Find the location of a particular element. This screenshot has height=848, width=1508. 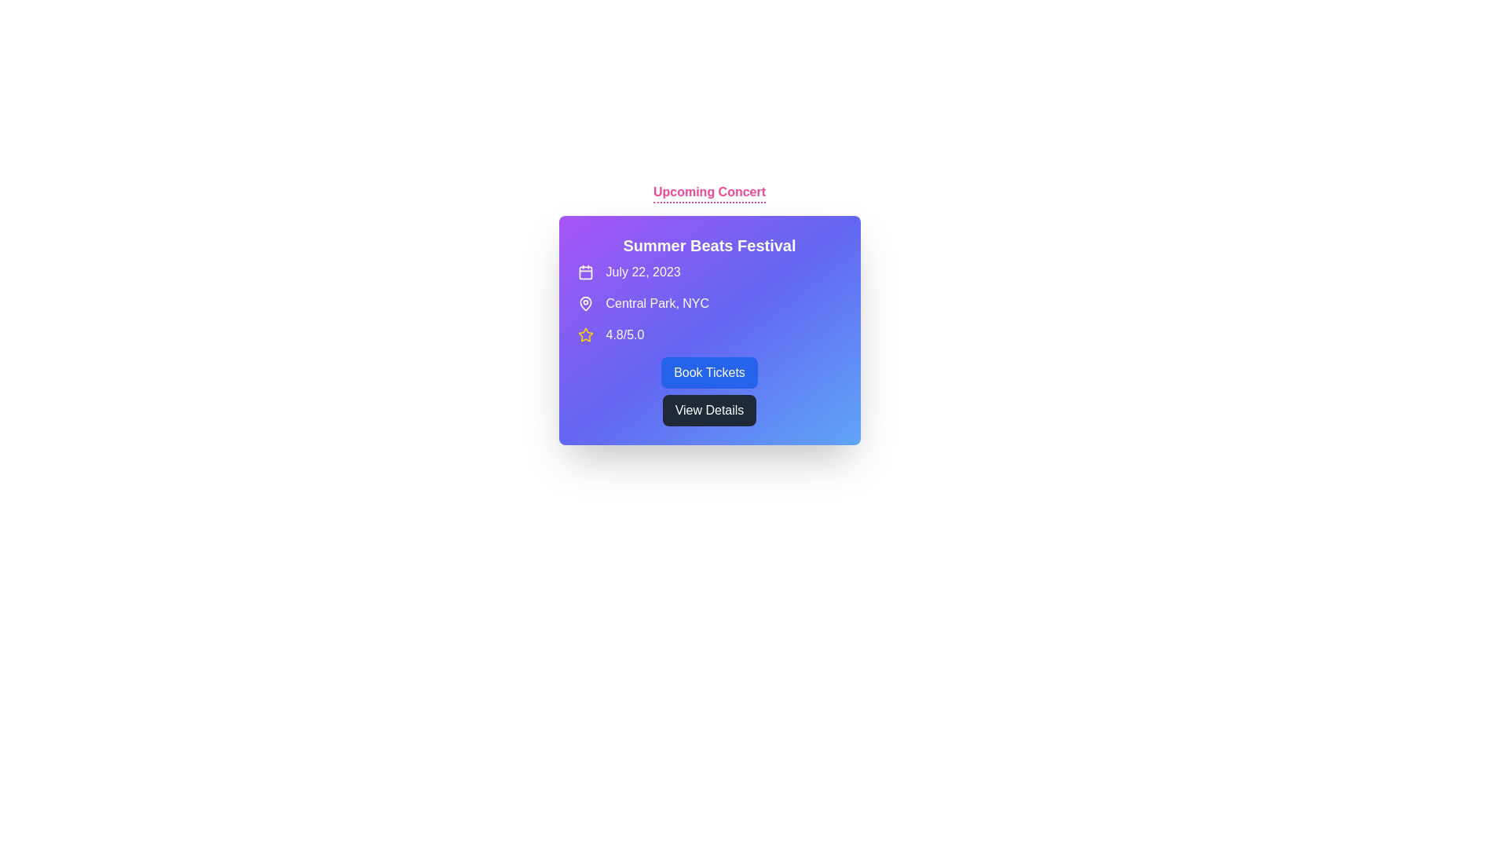

the 'Upcoming Concert' text label is located at coordinates (708, 192).